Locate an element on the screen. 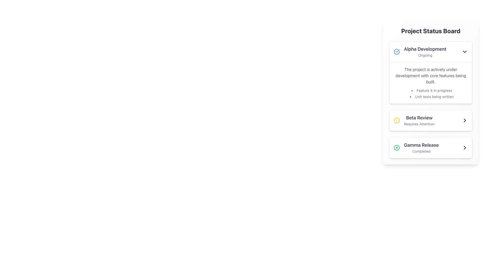  the 'Alpha Development' text label to interact with its associated functionality is located at coordinates (425, 49).